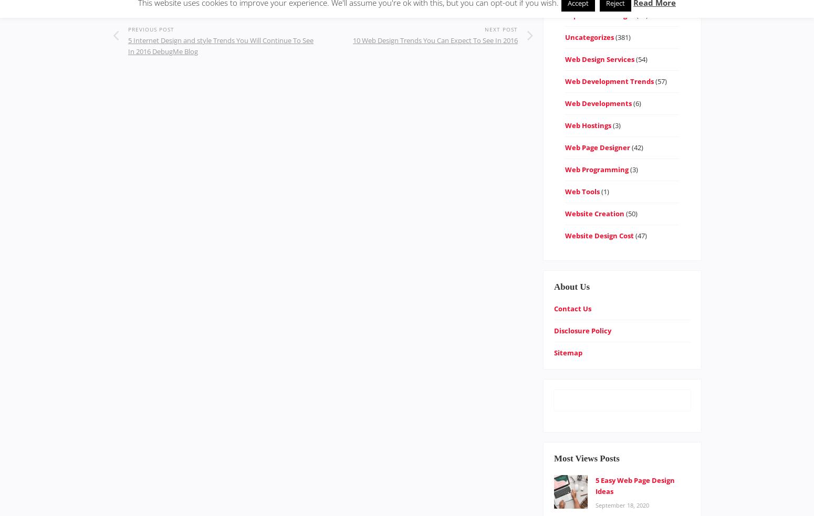 The height and width of the screenshot is (516, 814). I want to click on 'Top Website Designs', so click(599, 14).